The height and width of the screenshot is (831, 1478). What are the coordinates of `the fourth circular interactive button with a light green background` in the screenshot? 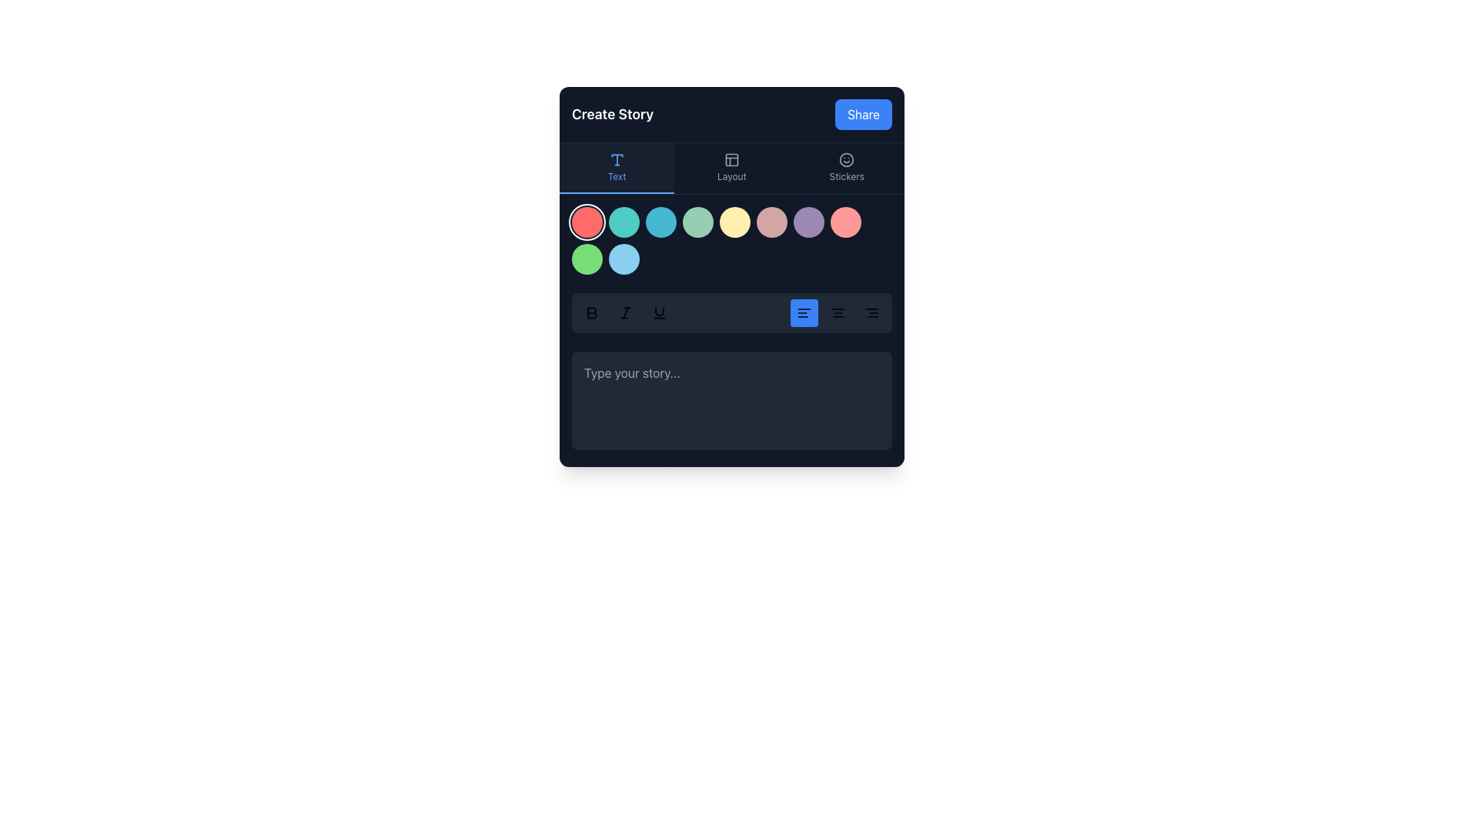 It's located at (697, 222).